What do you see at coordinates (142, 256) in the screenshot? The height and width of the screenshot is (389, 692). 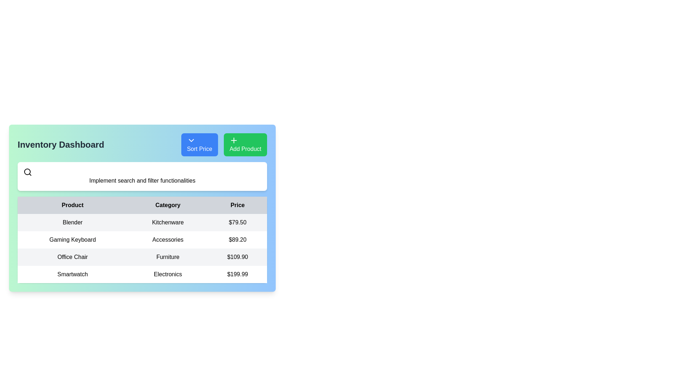 I see `the third row of the inventory table displaying 'Office Chair' in the product name column, 'Furniture' in the category column, and '$109.90' in the price column` at bounding box center [142, 256].